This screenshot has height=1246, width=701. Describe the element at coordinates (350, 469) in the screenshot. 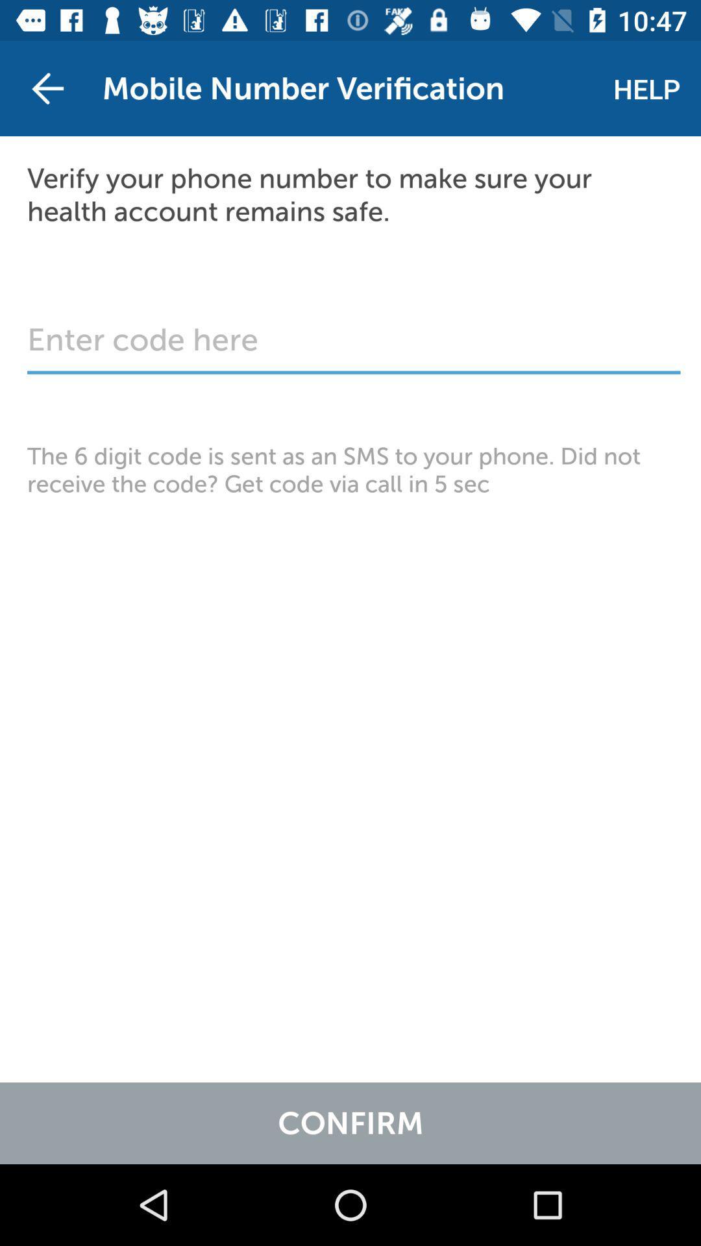

I see `the 6 digit item` at that location.